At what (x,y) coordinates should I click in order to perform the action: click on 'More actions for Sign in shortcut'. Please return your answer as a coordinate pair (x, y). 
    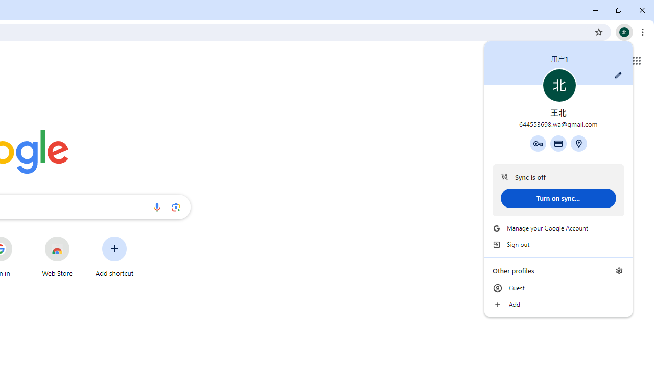
    Looking at the image, I should click on (20, 237).